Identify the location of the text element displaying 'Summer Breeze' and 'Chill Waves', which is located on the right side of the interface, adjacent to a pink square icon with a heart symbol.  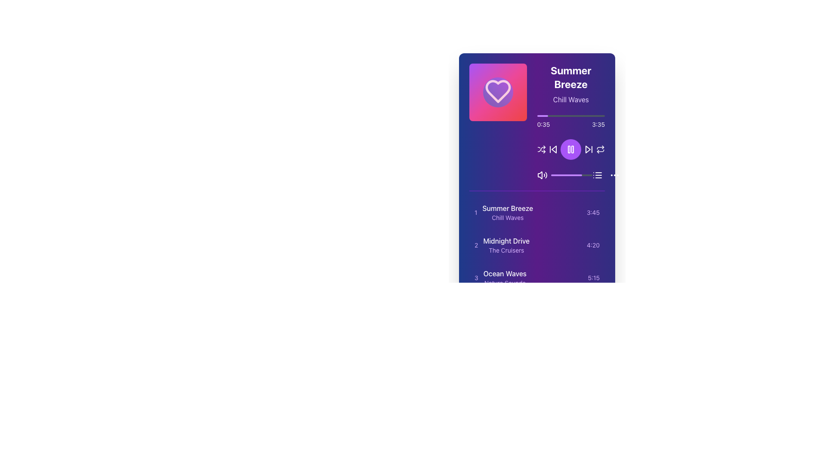
(571, 84).